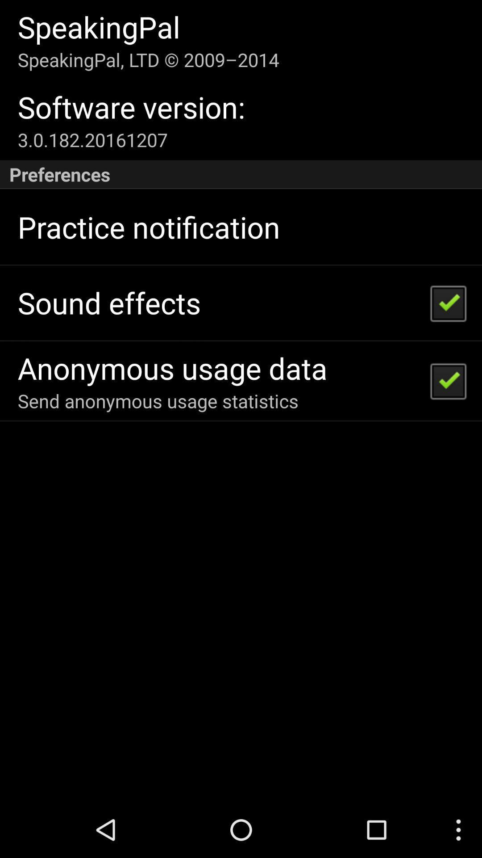 The image size is (482, 858). What do you see at coordinates (92, 139) in the screenshot?
I see `the 3 0 182` at bounding box center [92, 139].